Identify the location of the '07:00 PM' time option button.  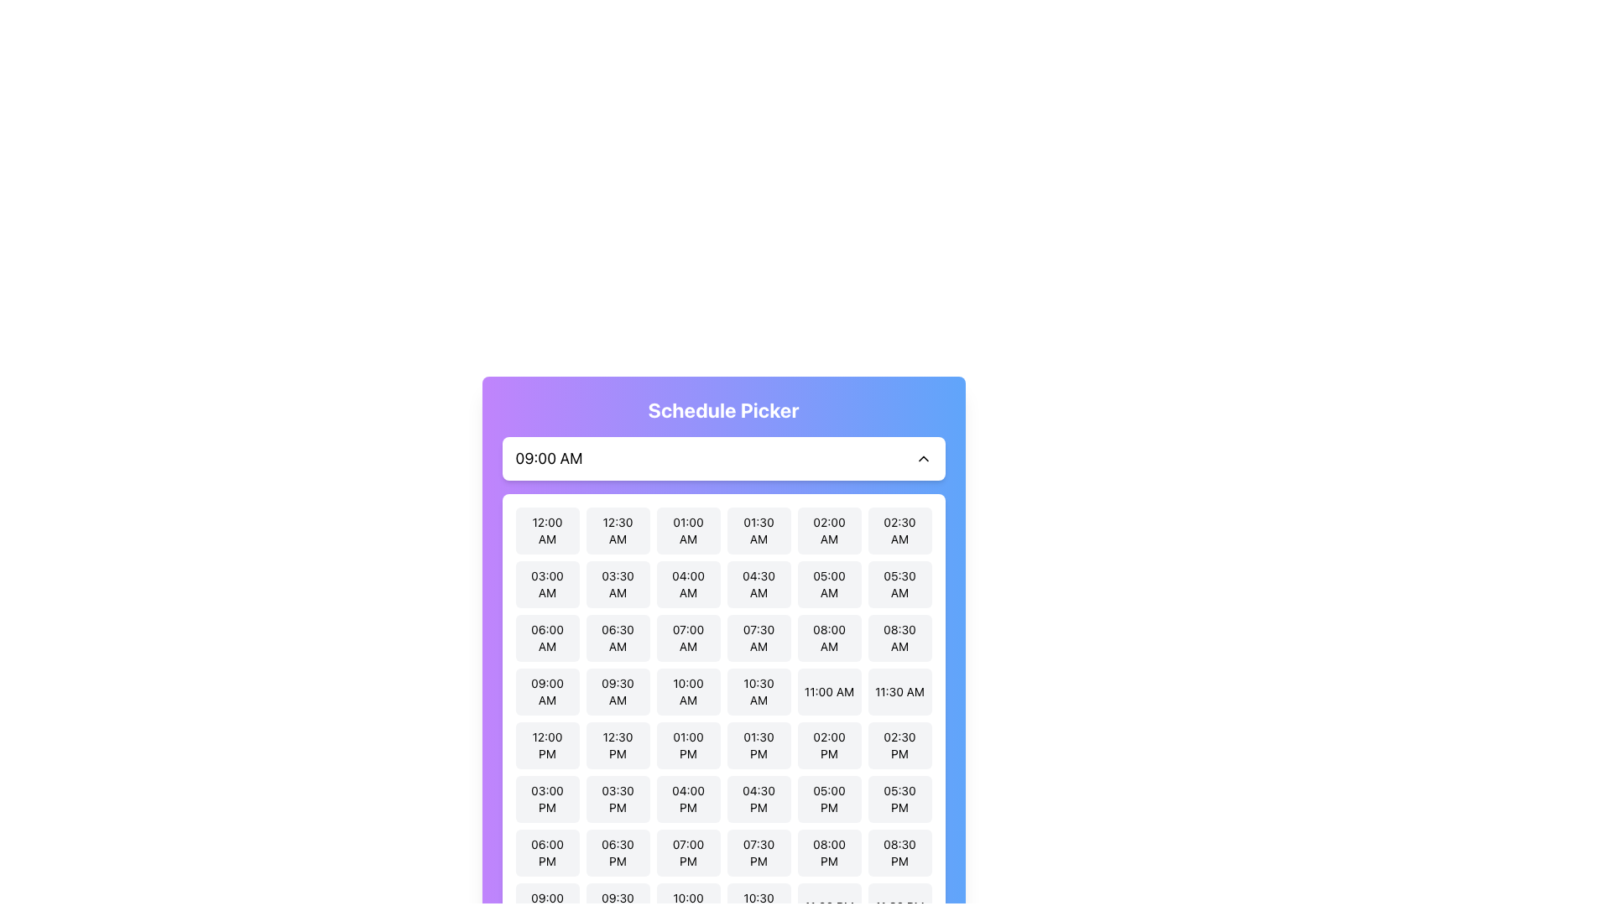
(688, 853).